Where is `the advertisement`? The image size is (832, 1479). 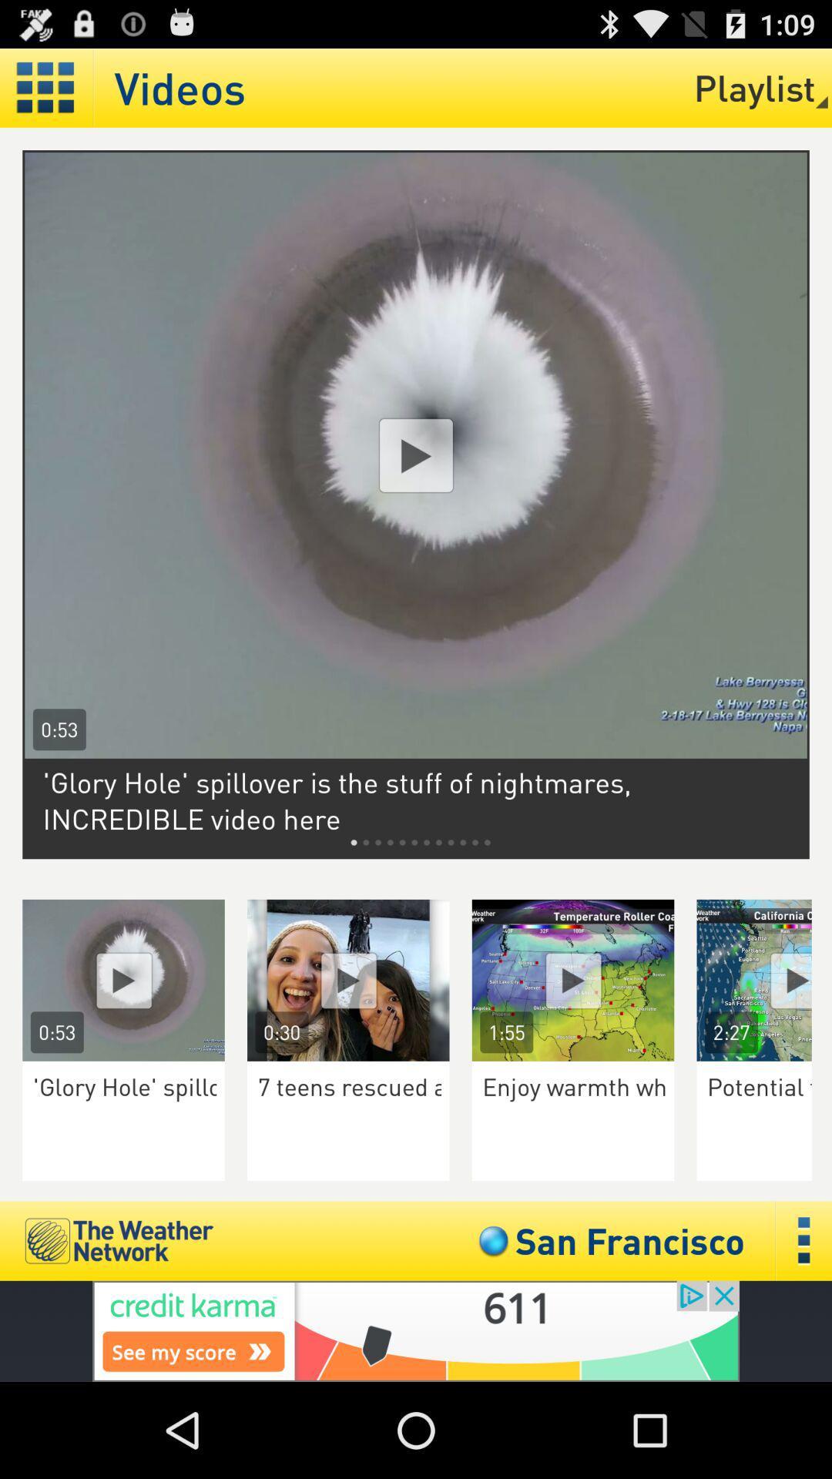 the advertisement is located at coordinates (764, 979).